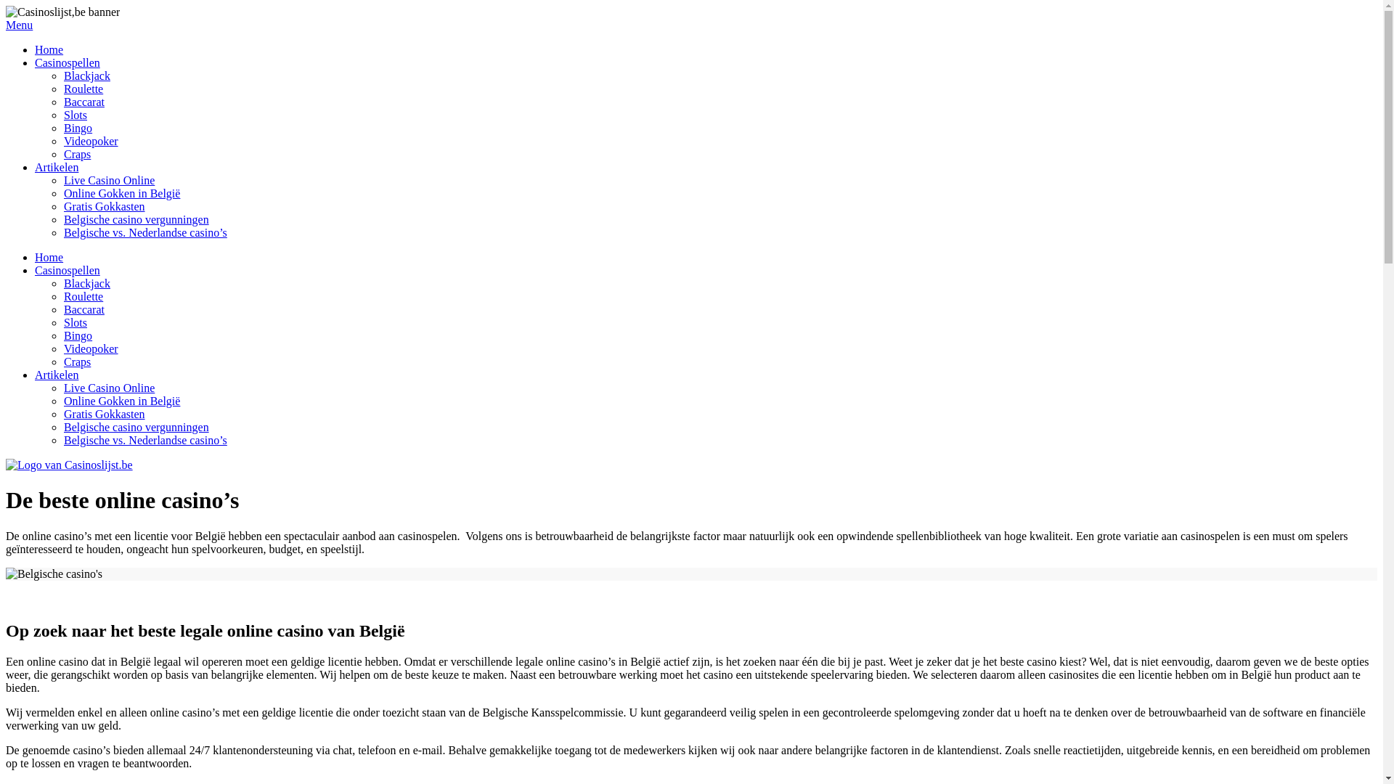 The image size is (1394, 784). I want to click on 'Baccarat', so click(62, 101).